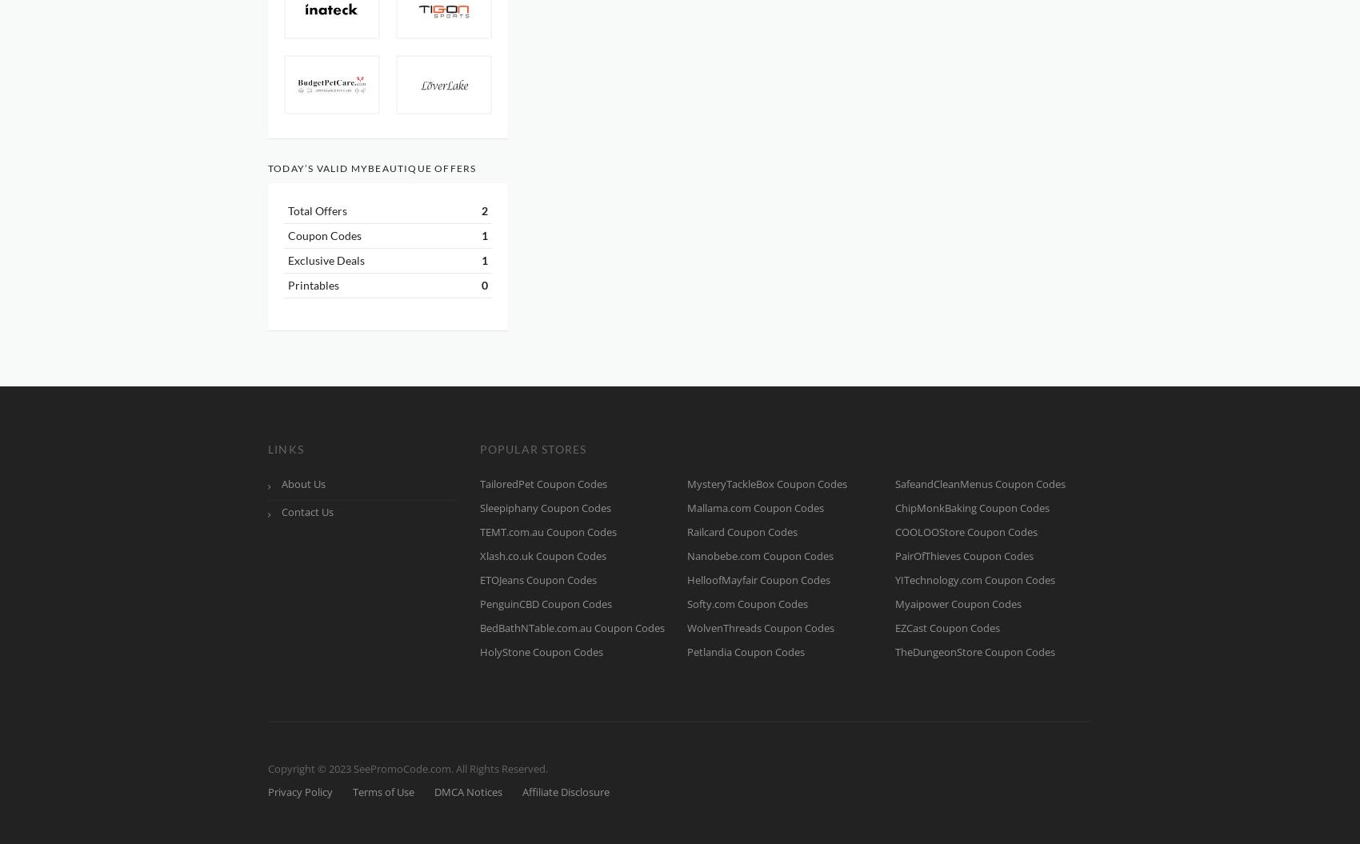 The height and width of the screenshot is (844, 1360). What do you see at coordinates (970, 507) in the screenshot?
I see `'ChipMonkBaking Coupon Codes'` at bounding box center [970, 507].